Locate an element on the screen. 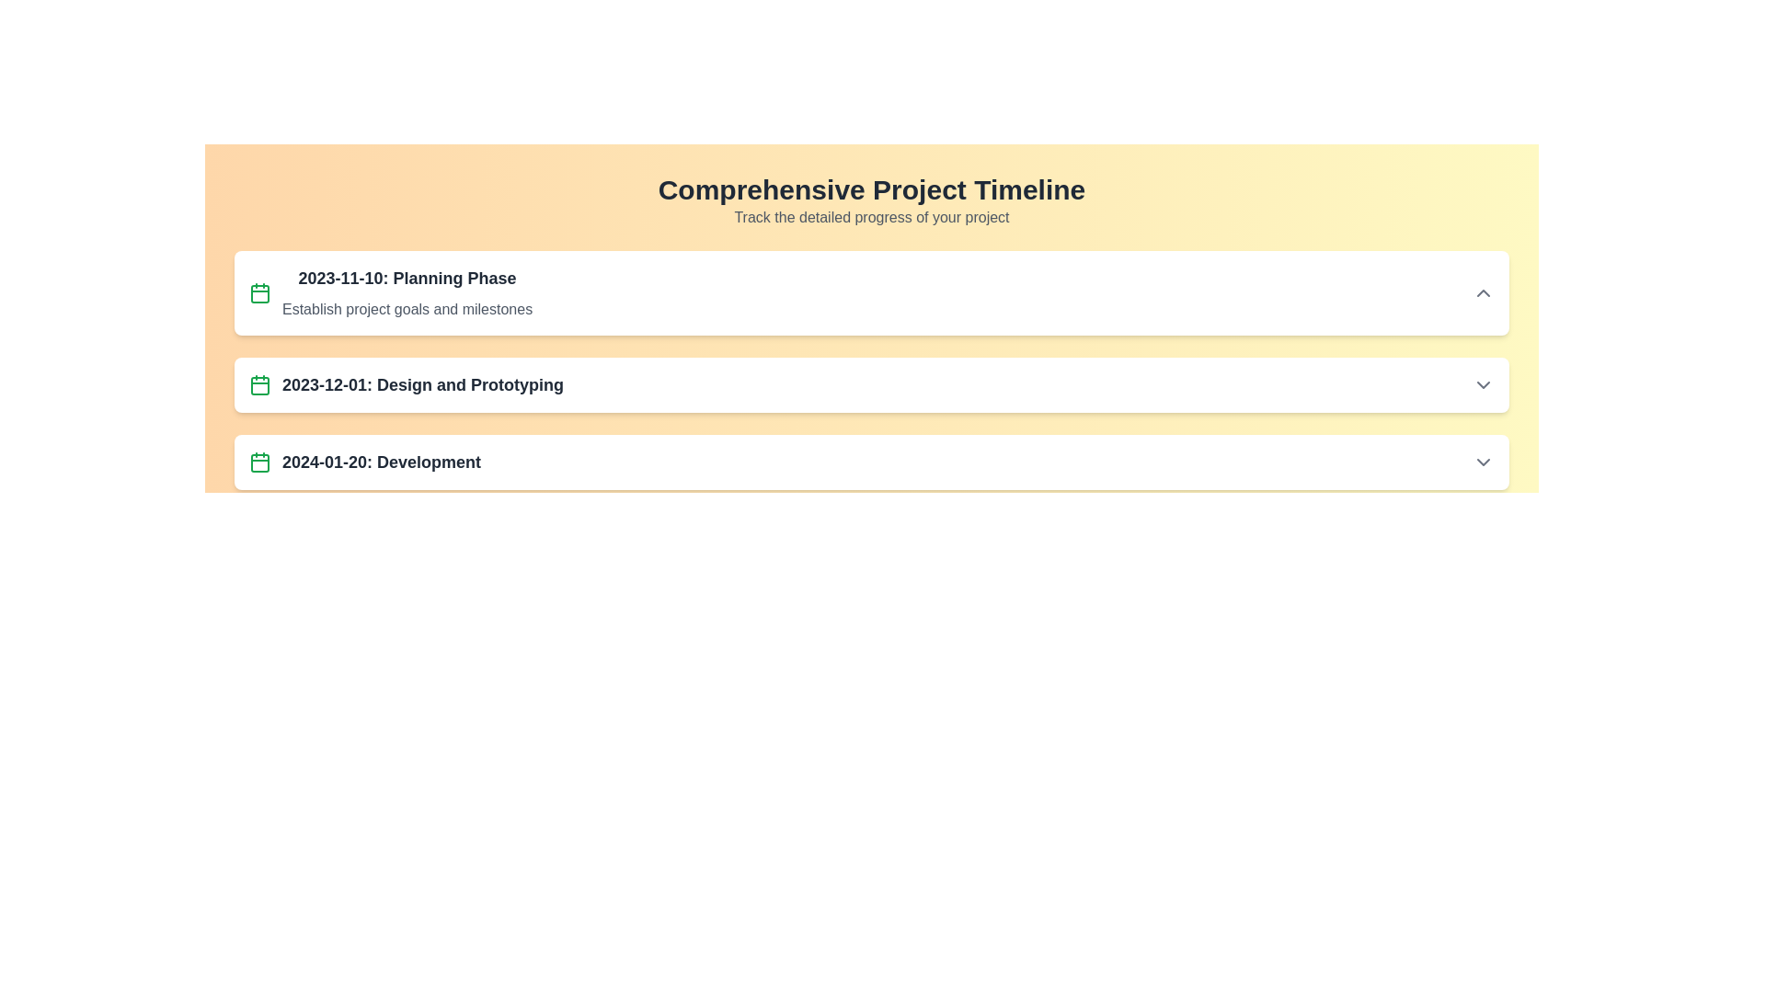 Image resolution: width=1766 pixels, height=993 pixels. the Text Display element that shows '2023-11-10: Planning Phase' in bold and 'Establish project goals and milestones' in a muted gray font, located at the top-left of the white card section is located at coordinates (407, 292).